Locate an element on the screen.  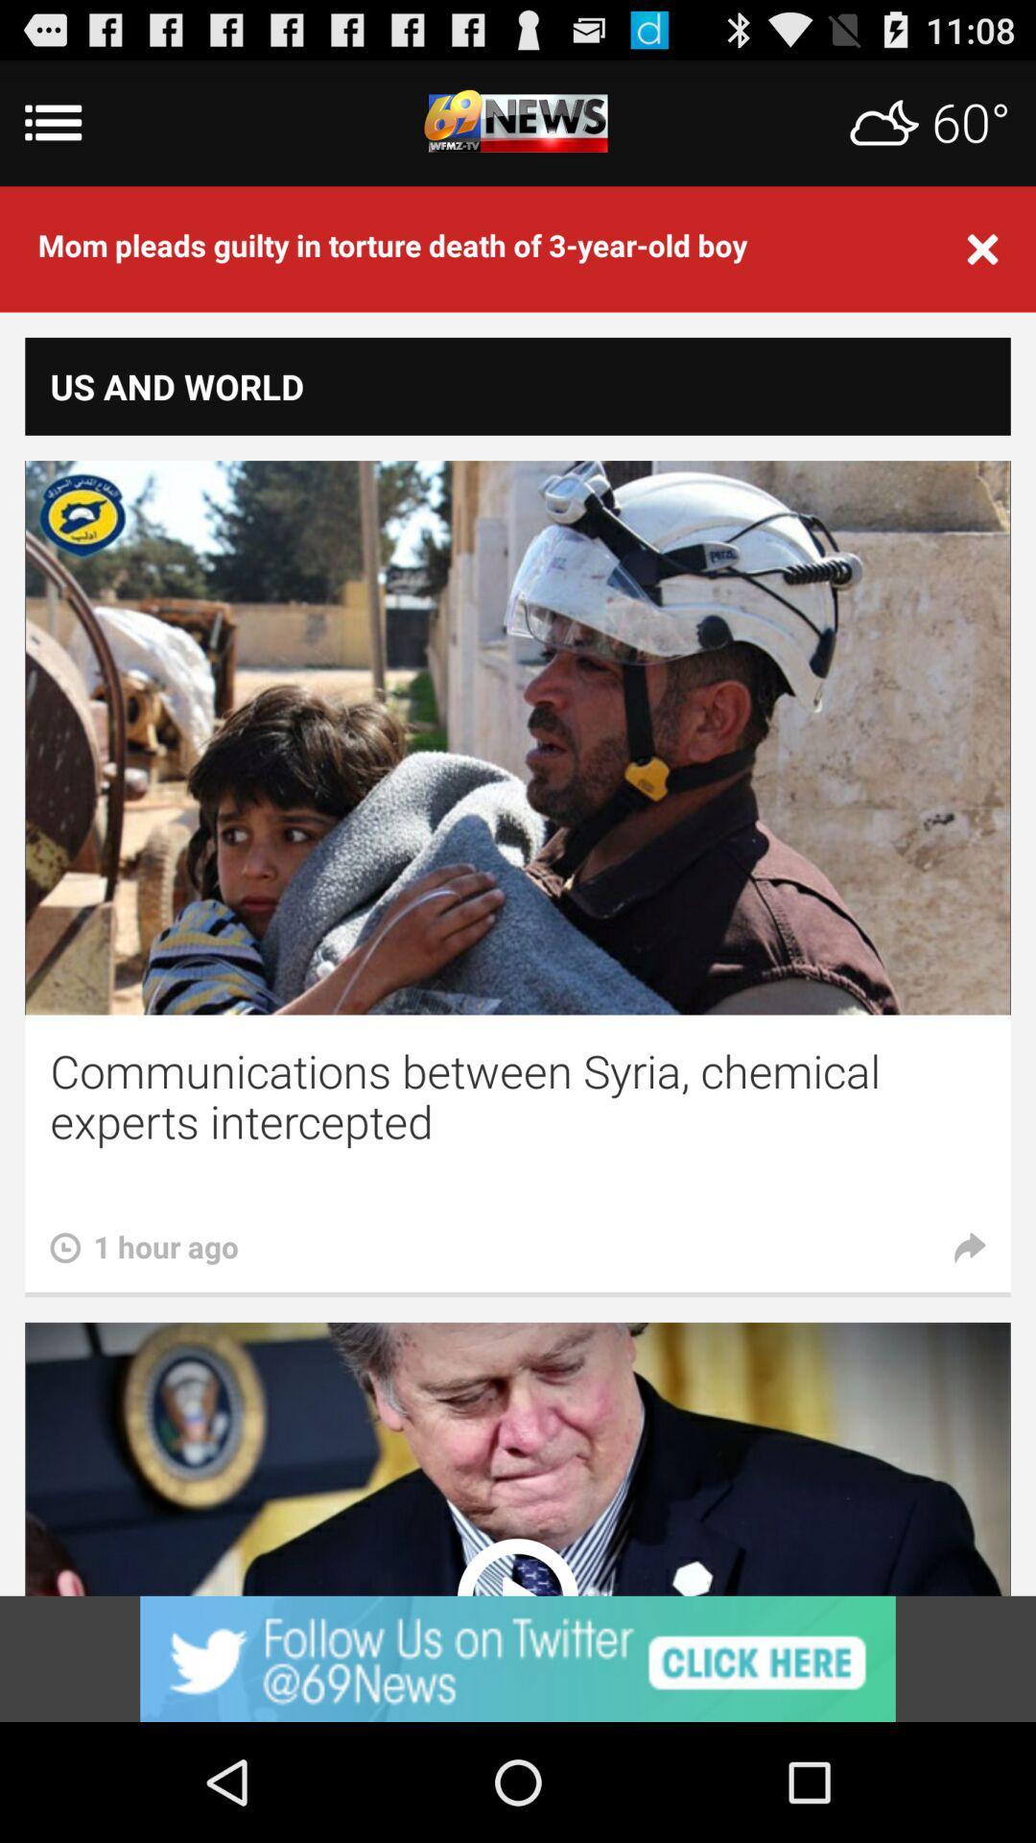
the advertisement is located at coordinates (518, 1658).